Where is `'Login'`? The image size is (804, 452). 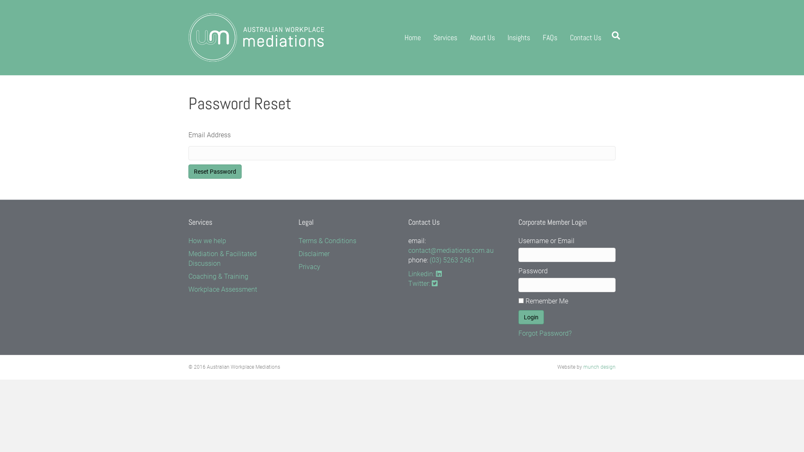
'Login' is located at coordinates (531, 317).